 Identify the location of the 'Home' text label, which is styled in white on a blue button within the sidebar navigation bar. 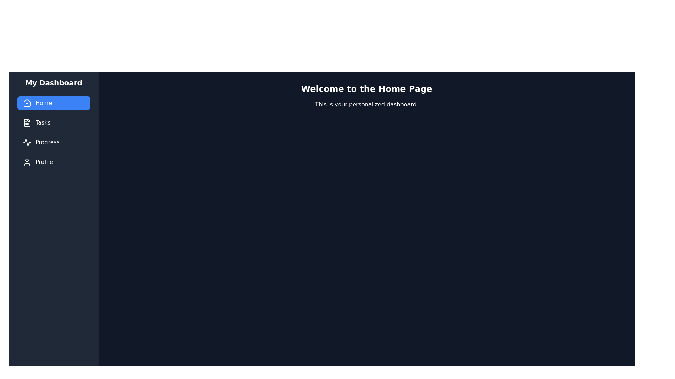
(43, 103).